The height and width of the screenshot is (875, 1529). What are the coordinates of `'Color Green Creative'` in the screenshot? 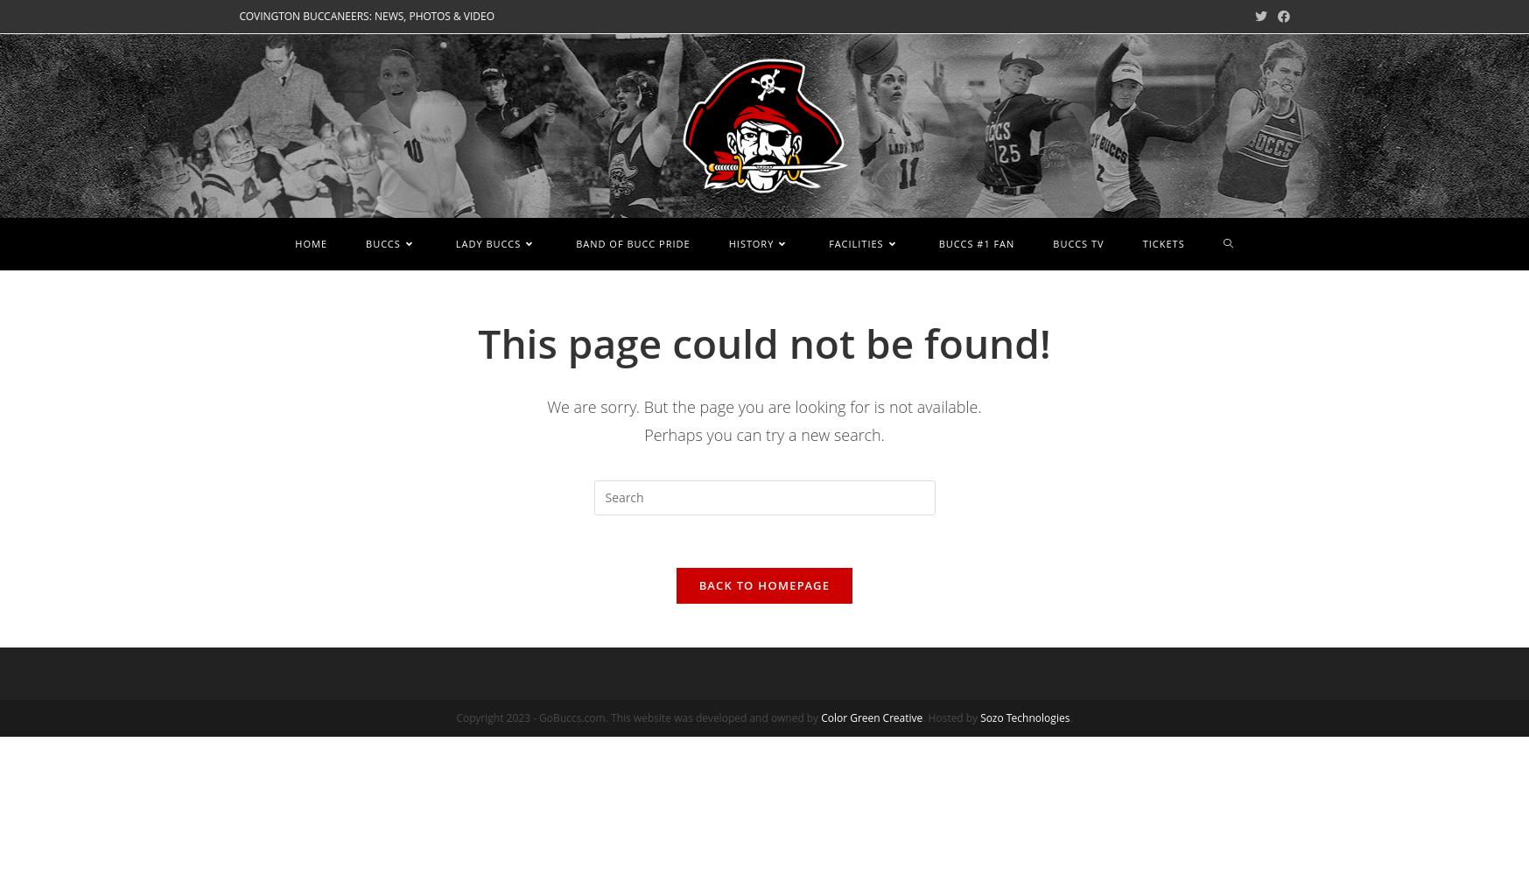 It's located at (870, 716).